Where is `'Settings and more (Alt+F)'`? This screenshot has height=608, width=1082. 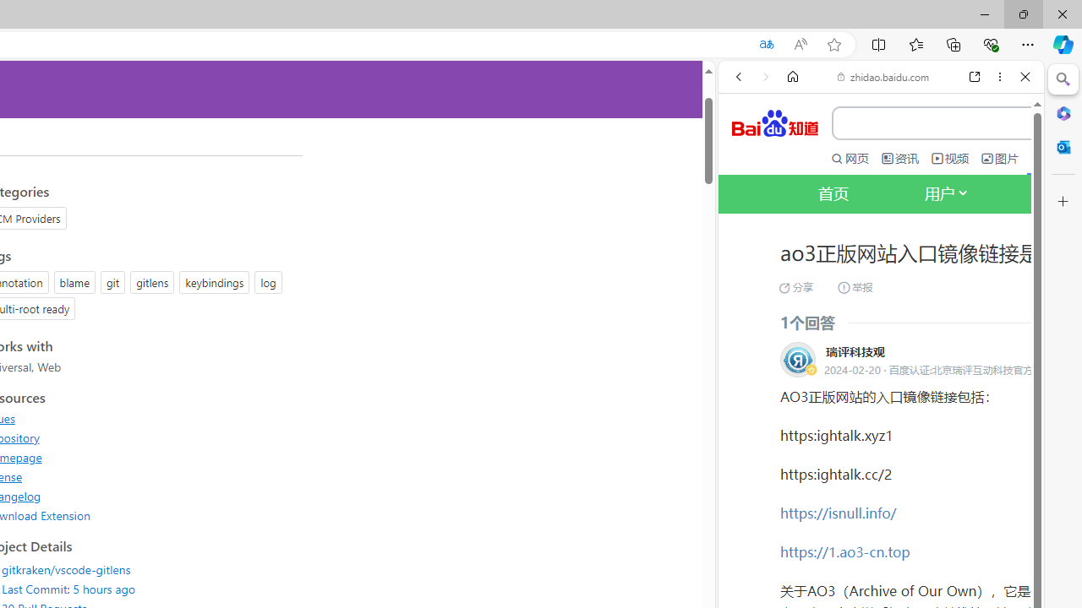 'Settings and more (Alt+F)' is located at coordinates (1027, 43).